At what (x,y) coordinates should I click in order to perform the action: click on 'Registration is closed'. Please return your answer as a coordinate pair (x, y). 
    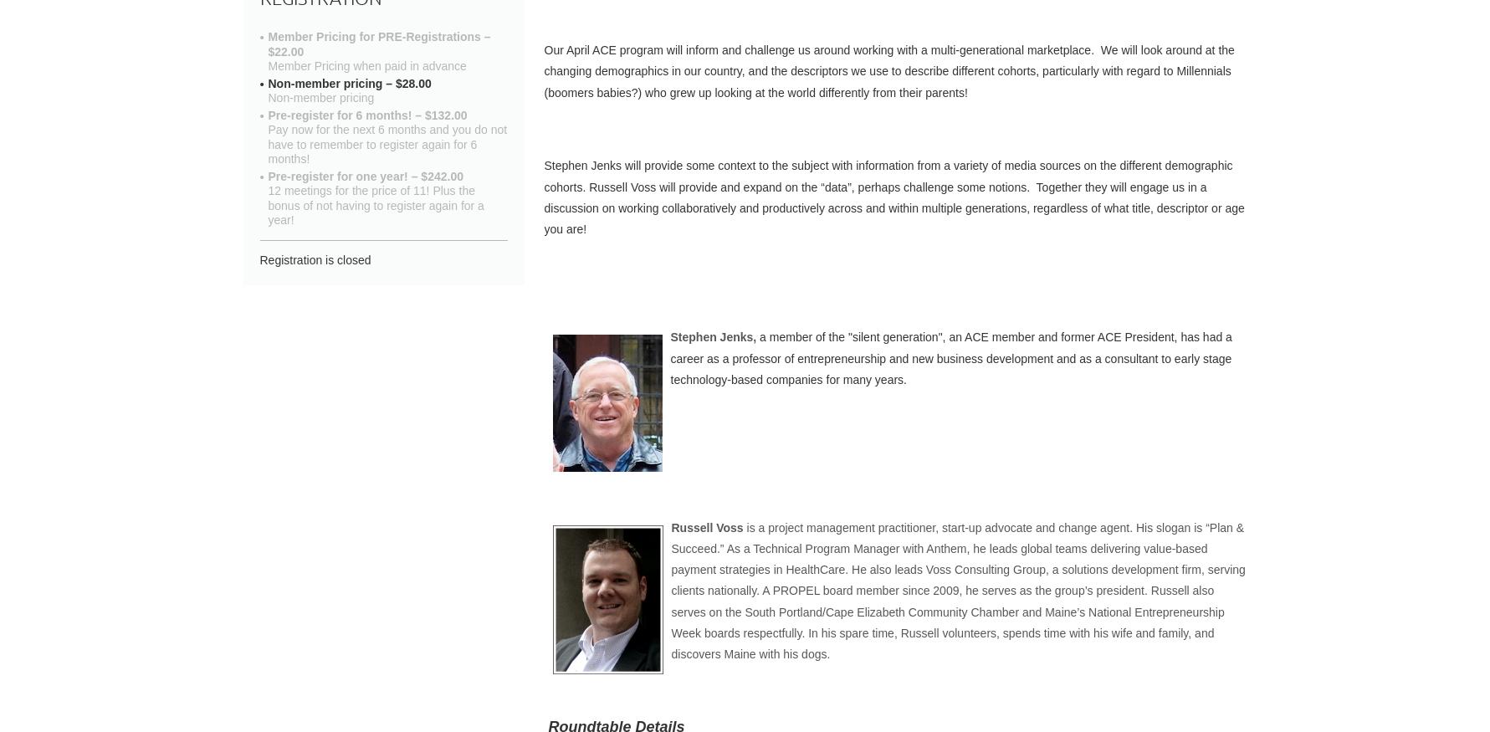
    Looking at the image, I should click on (259, 259).